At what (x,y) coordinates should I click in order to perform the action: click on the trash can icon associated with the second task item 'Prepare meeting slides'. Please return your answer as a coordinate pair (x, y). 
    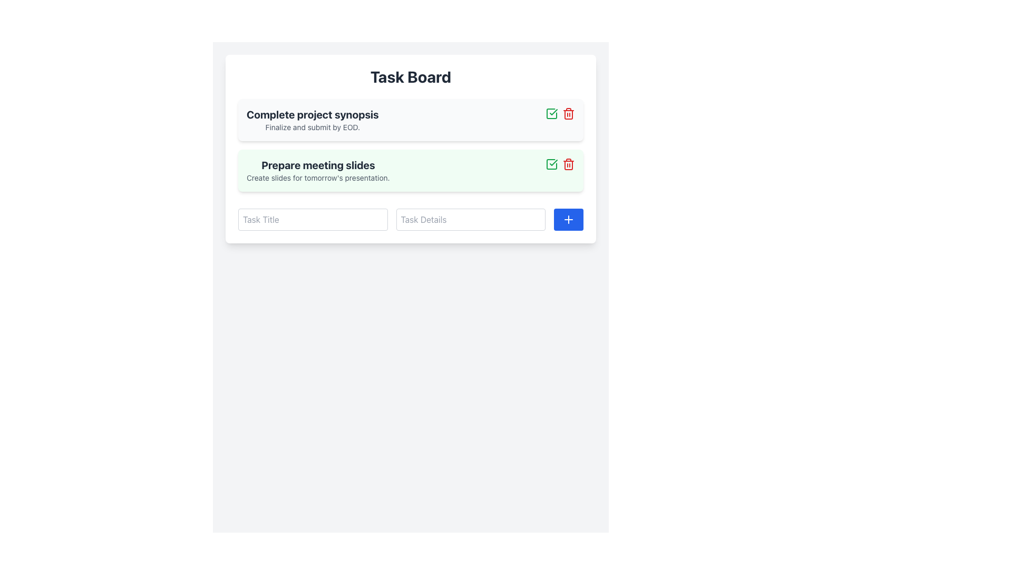
    Looking at the image, I should click on (568, 165).